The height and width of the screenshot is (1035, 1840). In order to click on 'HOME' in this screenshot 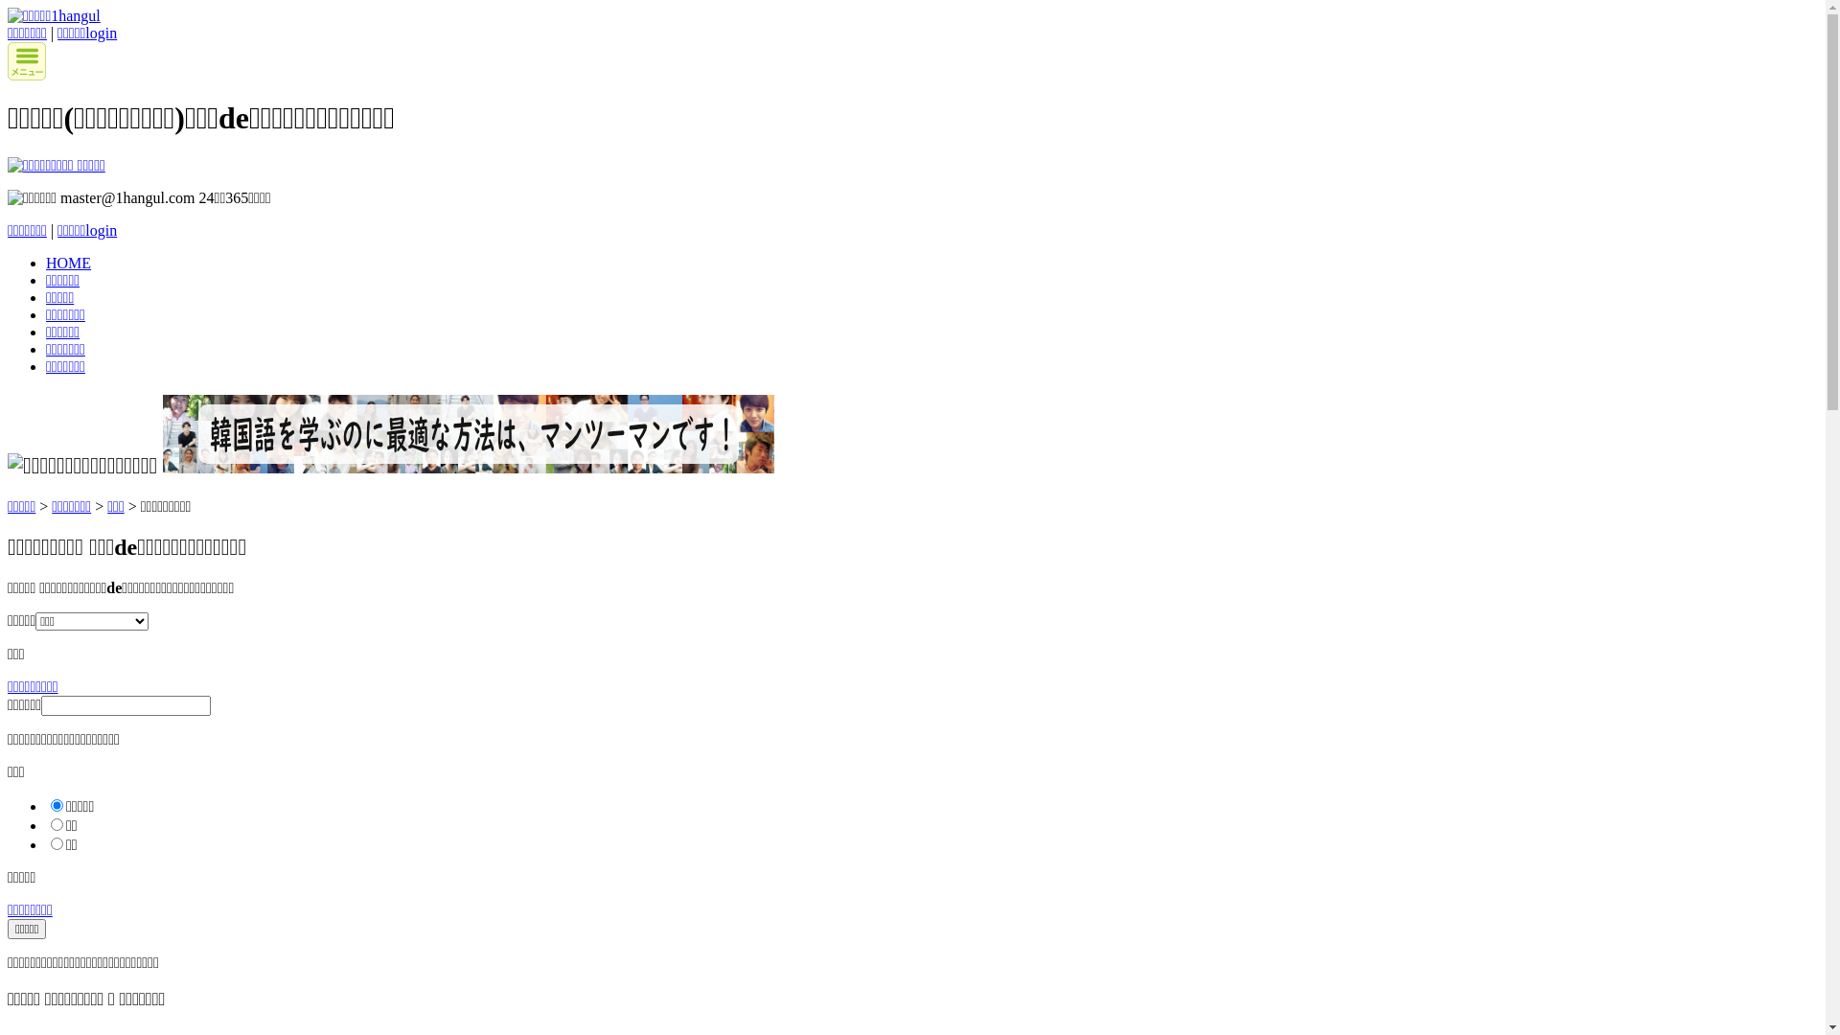, I will do `click(68, 263)`.